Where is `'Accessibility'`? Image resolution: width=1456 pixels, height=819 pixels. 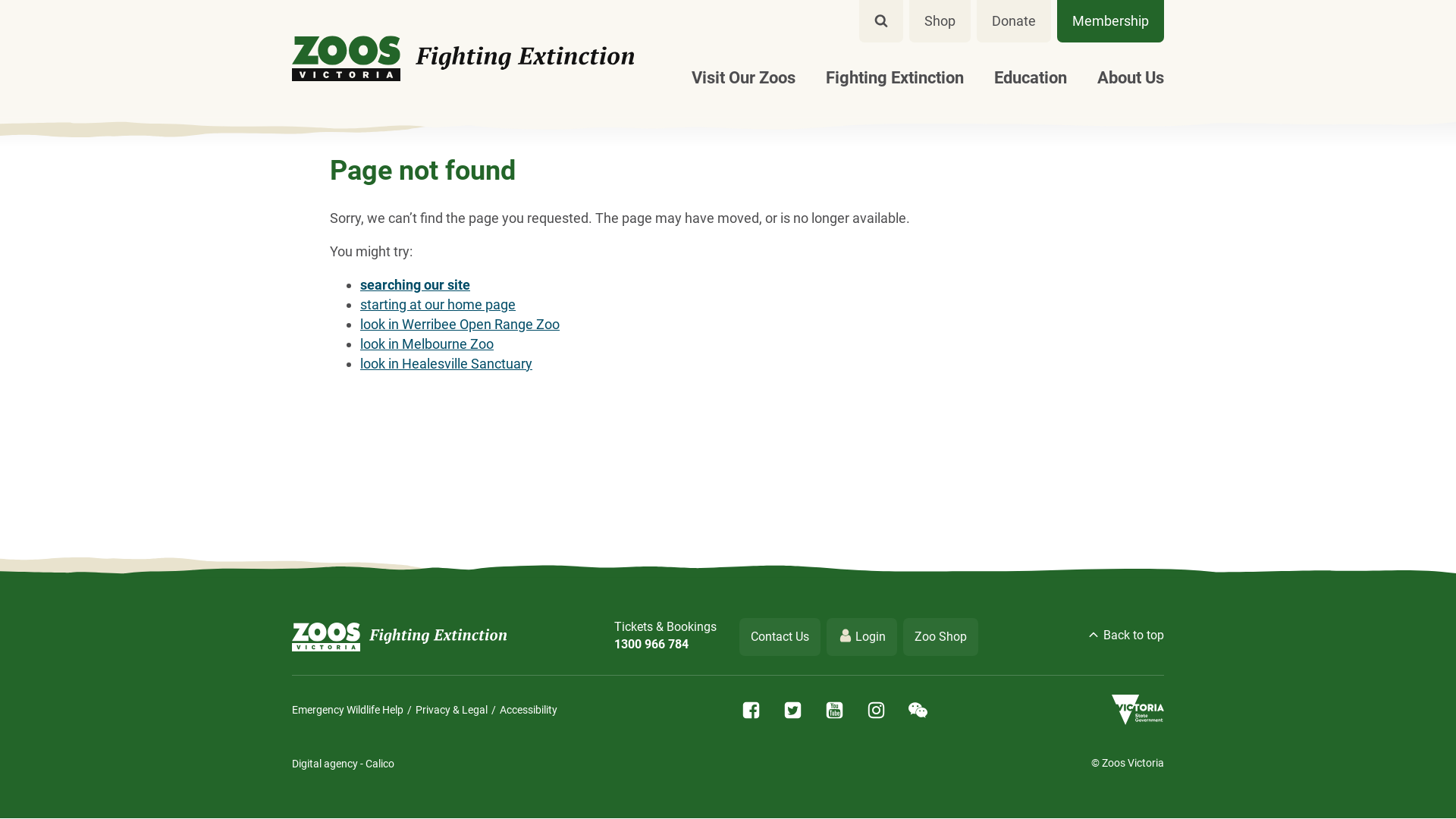
'Accessibility' is located at coordinates (528, 710).